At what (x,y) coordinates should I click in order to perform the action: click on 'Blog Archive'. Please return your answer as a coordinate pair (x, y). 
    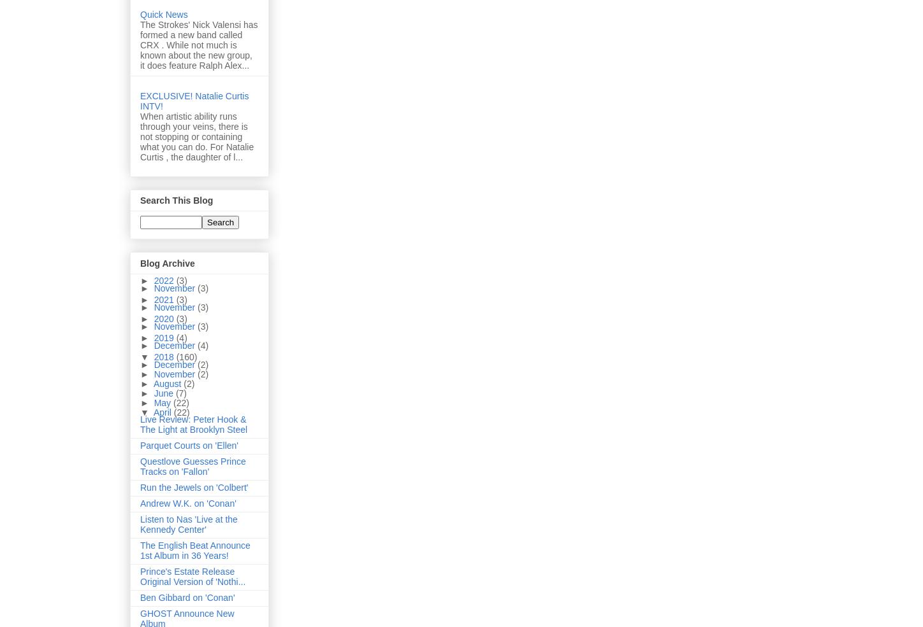
    Looking at the image, I should click on (167, 262).